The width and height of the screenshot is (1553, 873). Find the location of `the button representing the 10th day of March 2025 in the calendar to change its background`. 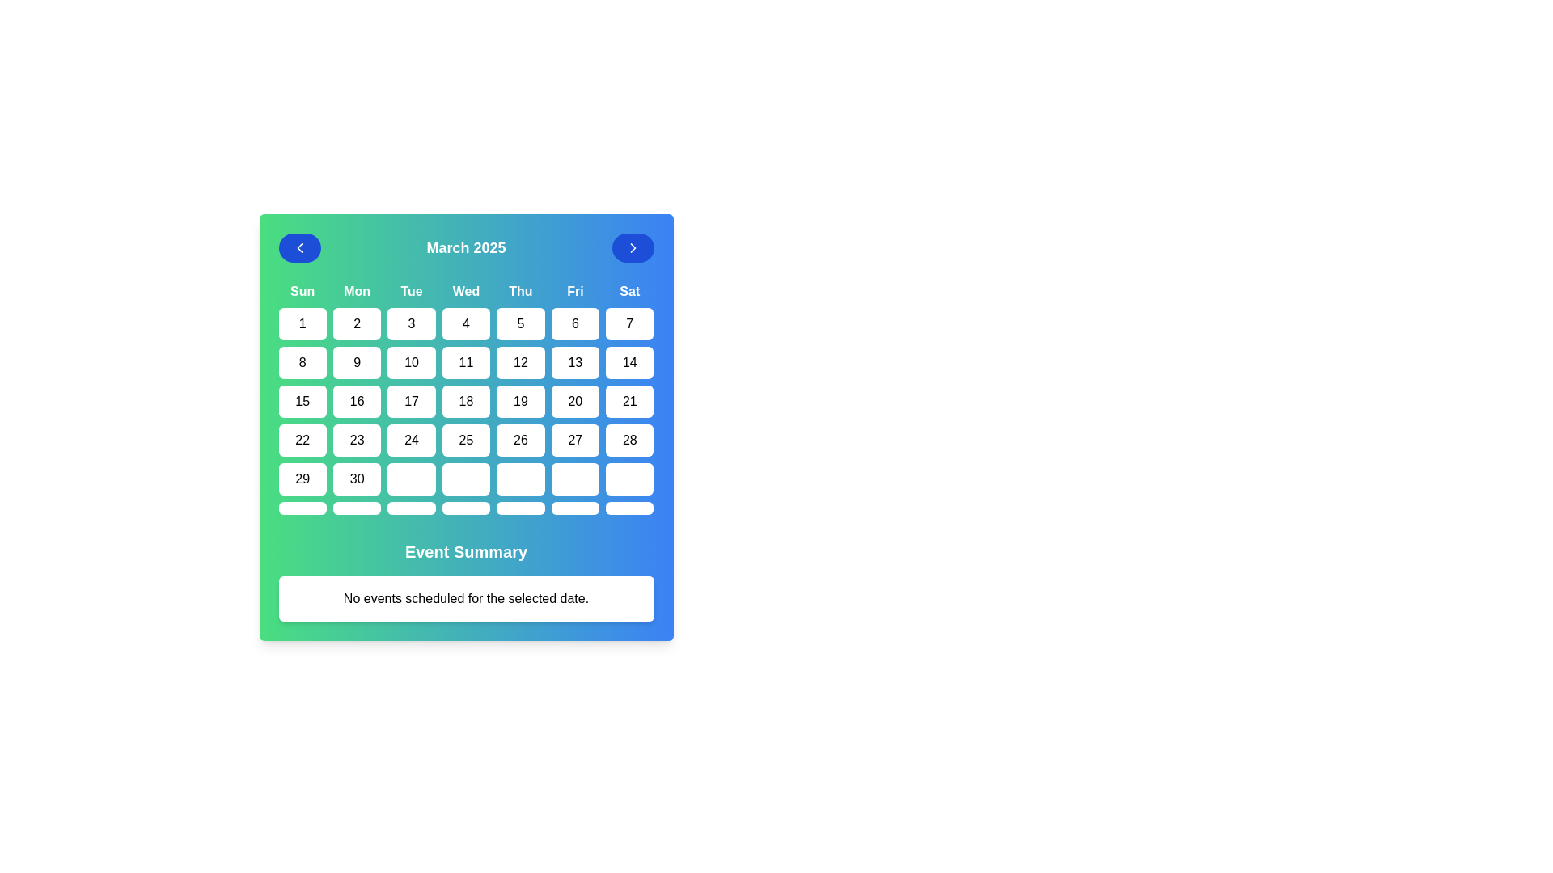

the button representing the 10th day of March 2025 in the calendar to change its background is located at coordinates (411, 361).